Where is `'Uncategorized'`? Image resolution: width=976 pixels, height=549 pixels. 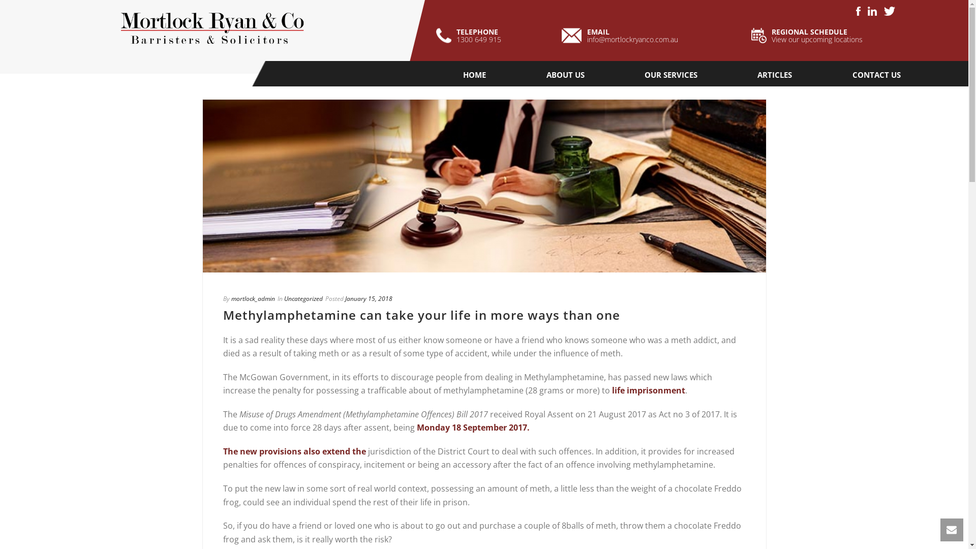 'Uncategorized' is located at coordinates (302, 298).